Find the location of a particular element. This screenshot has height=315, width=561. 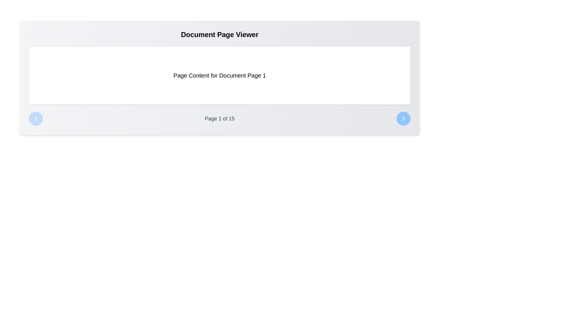

the heading 'Document Page Viewer' which is styled with a bold and large font, located at the top of the document viewer interface is located at coordinates (219, 35).